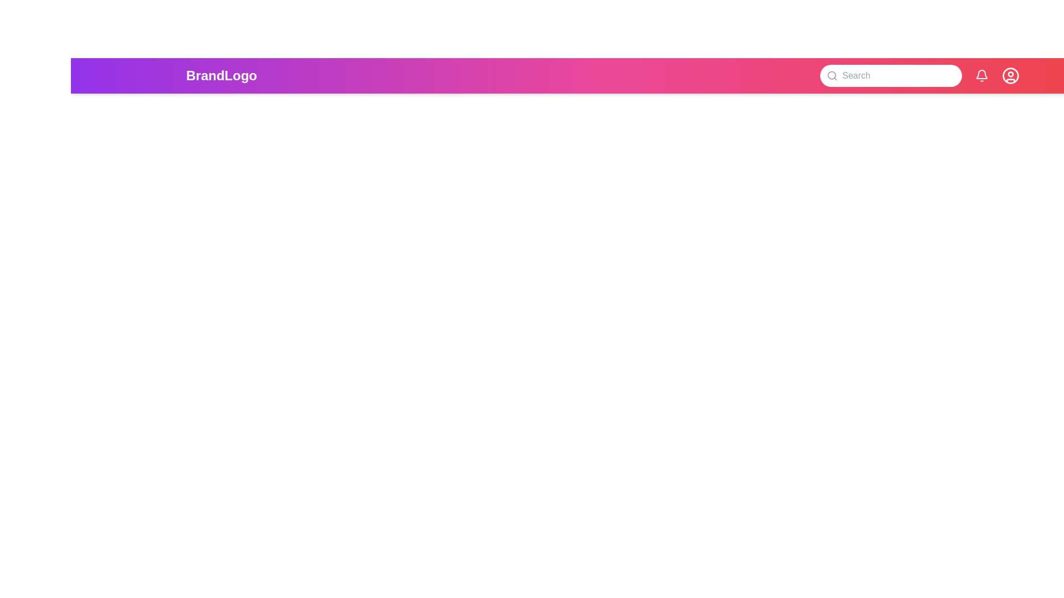 The image size is (1064, 598). Describe the element at coordinates (221, 75) in the screenshot. I see `the brand's logo located in the top-left corner of the header section to redirect to the homepage` at that location.